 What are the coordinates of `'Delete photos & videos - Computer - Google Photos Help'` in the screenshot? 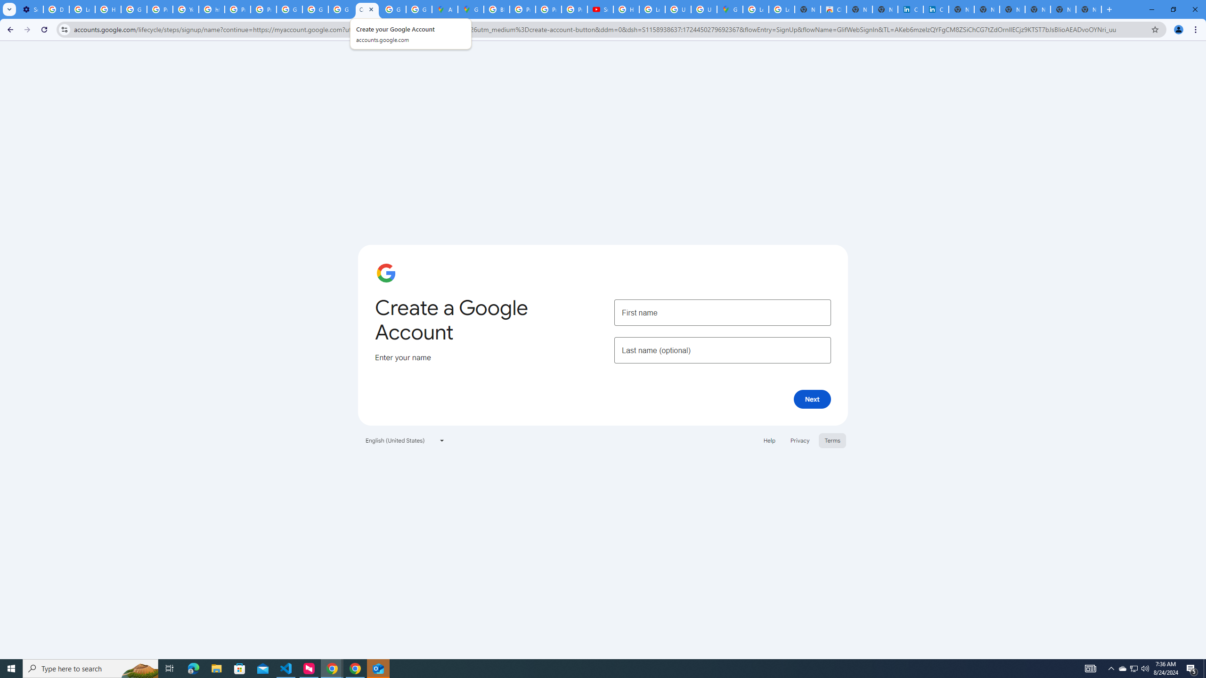 It's located at (56, 9).